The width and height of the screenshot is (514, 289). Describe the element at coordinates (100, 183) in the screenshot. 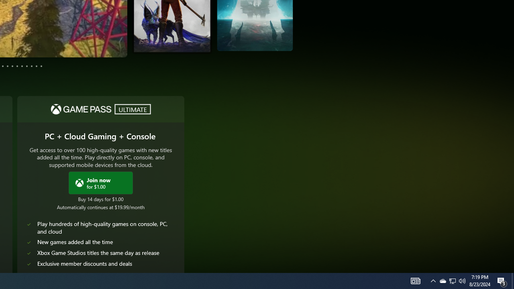

I see `'Join Xbox Game Pass Ultimate now for $1.00'` at that location.